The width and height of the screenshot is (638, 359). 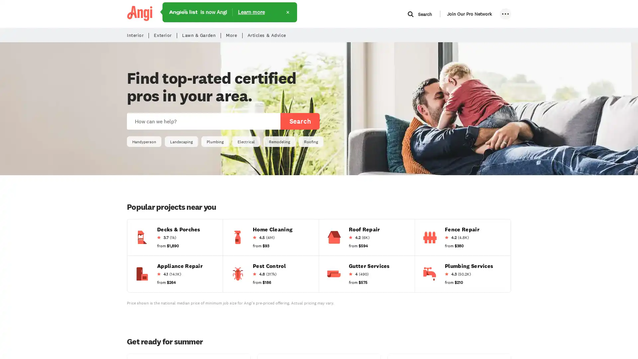 What do you see at coordinates (269, 263) in the screenshot?
I see `Submit a request for Pest Control - Bugs and Insects.` at bounding box center [269, 263].